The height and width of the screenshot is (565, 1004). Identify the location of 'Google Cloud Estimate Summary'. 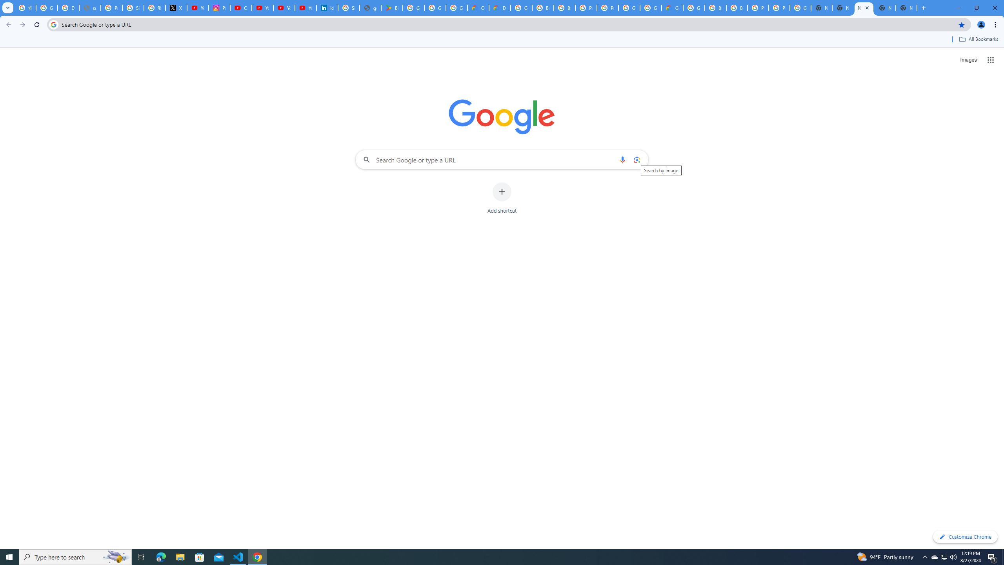
(671, 7).